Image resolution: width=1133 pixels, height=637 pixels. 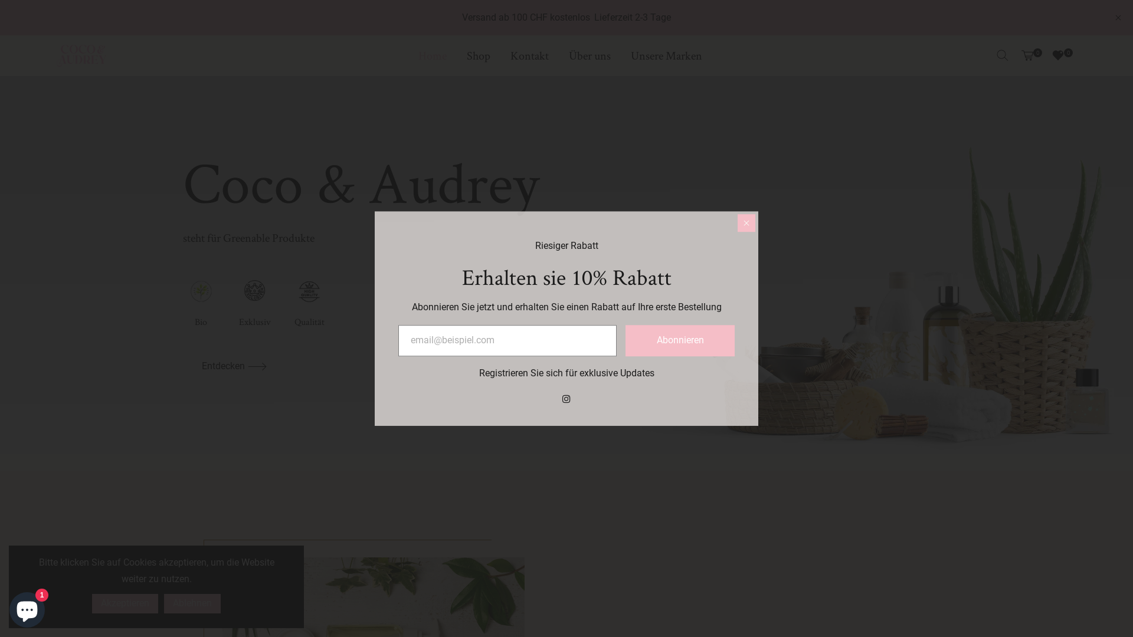 What do you see at coordinates (479, 55) in the screenshot?
I see `'Shop'` at bounding box center [479, 55].